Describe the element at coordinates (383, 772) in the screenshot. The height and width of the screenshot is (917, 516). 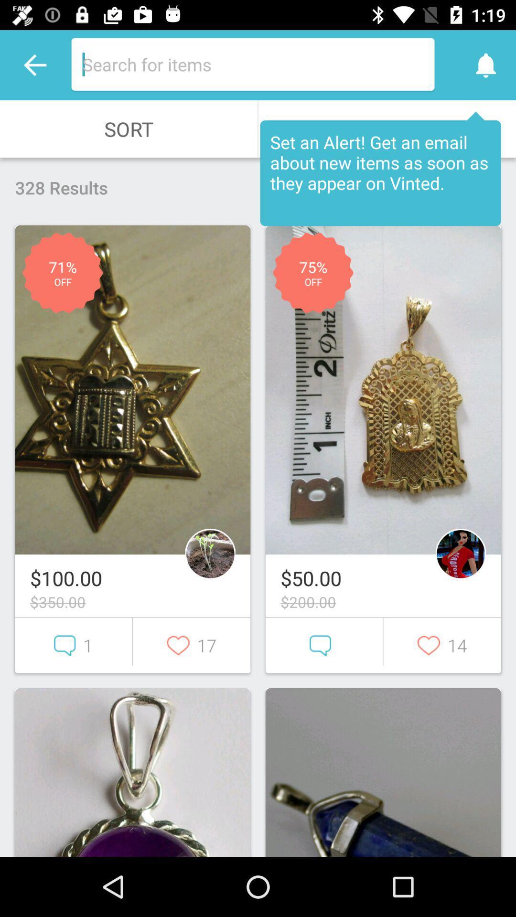
I see `fourth image from top` at that location.